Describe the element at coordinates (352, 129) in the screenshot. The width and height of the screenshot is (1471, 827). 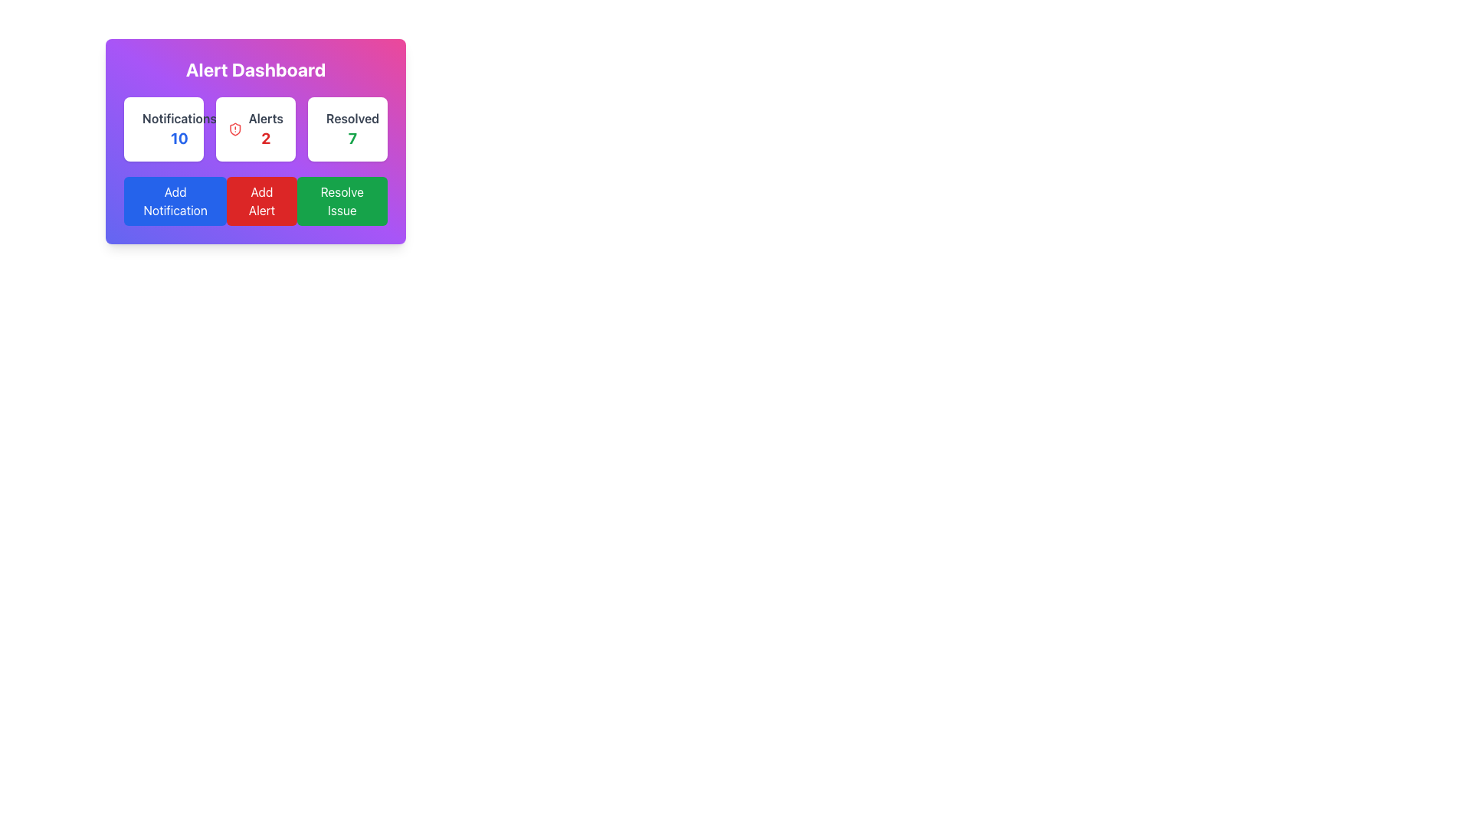
I see `displayed text from the third Text label in the top row of the dashboard, which shows the count of resolved issues and is located to the right of the 'Alerts' card` at that location.